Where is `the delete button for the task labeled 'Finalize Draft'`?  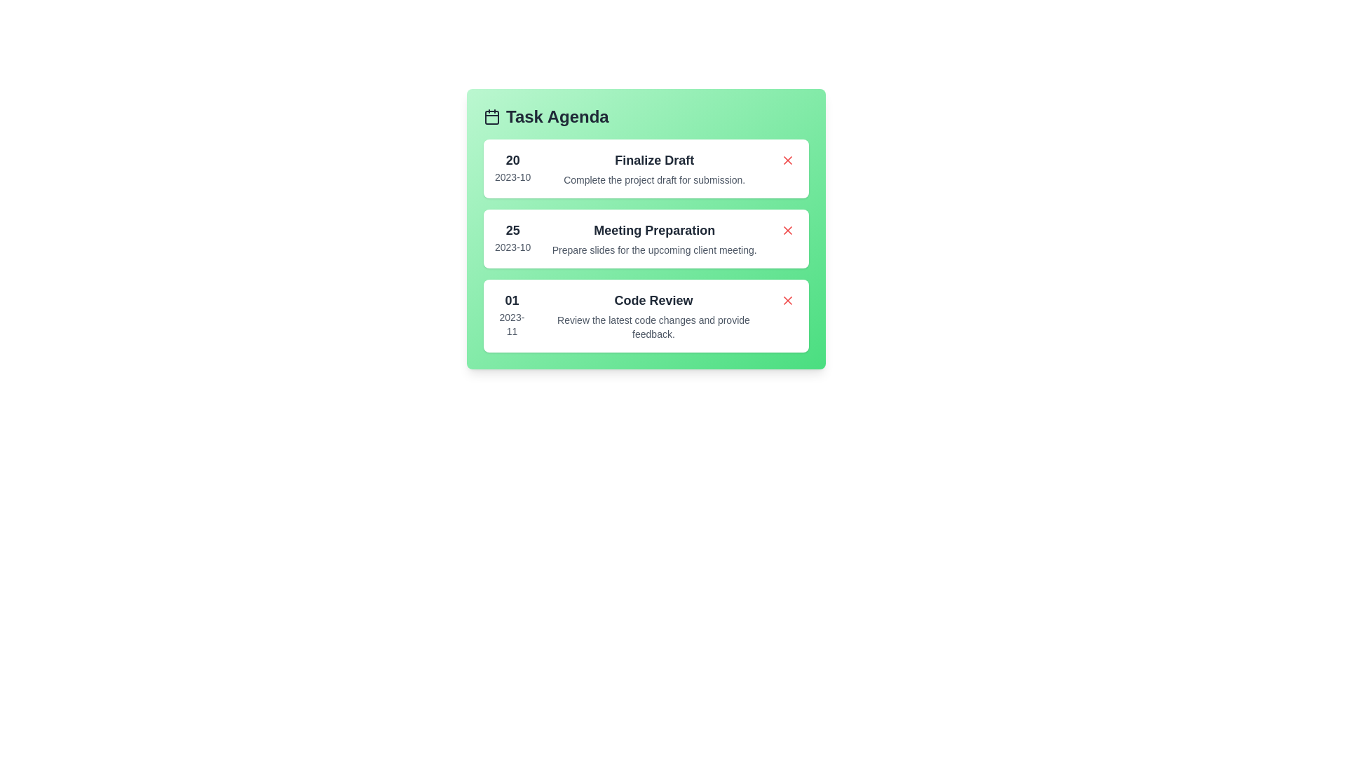 the delete button for the task labeled 'Finalize Draft' is located at coordinates (787, 159).